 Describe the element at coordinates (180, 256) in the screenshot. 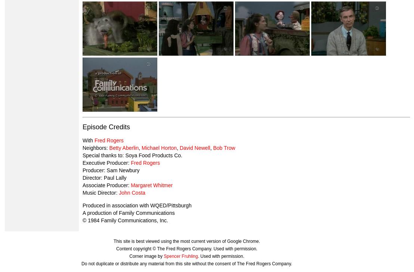

I see `'Spencer Fruhling'` at that location.